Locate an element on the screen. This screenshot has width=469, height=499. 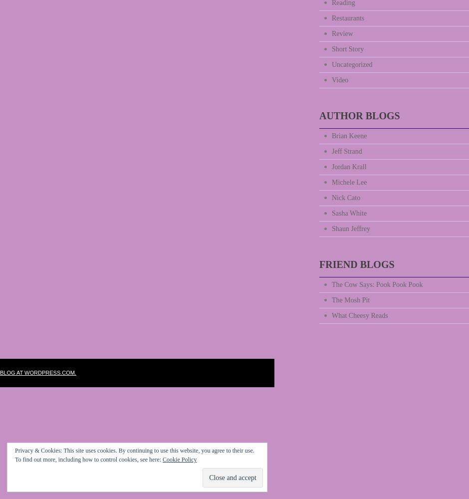
'Nick Cato' is located at coordinates (345, 198).